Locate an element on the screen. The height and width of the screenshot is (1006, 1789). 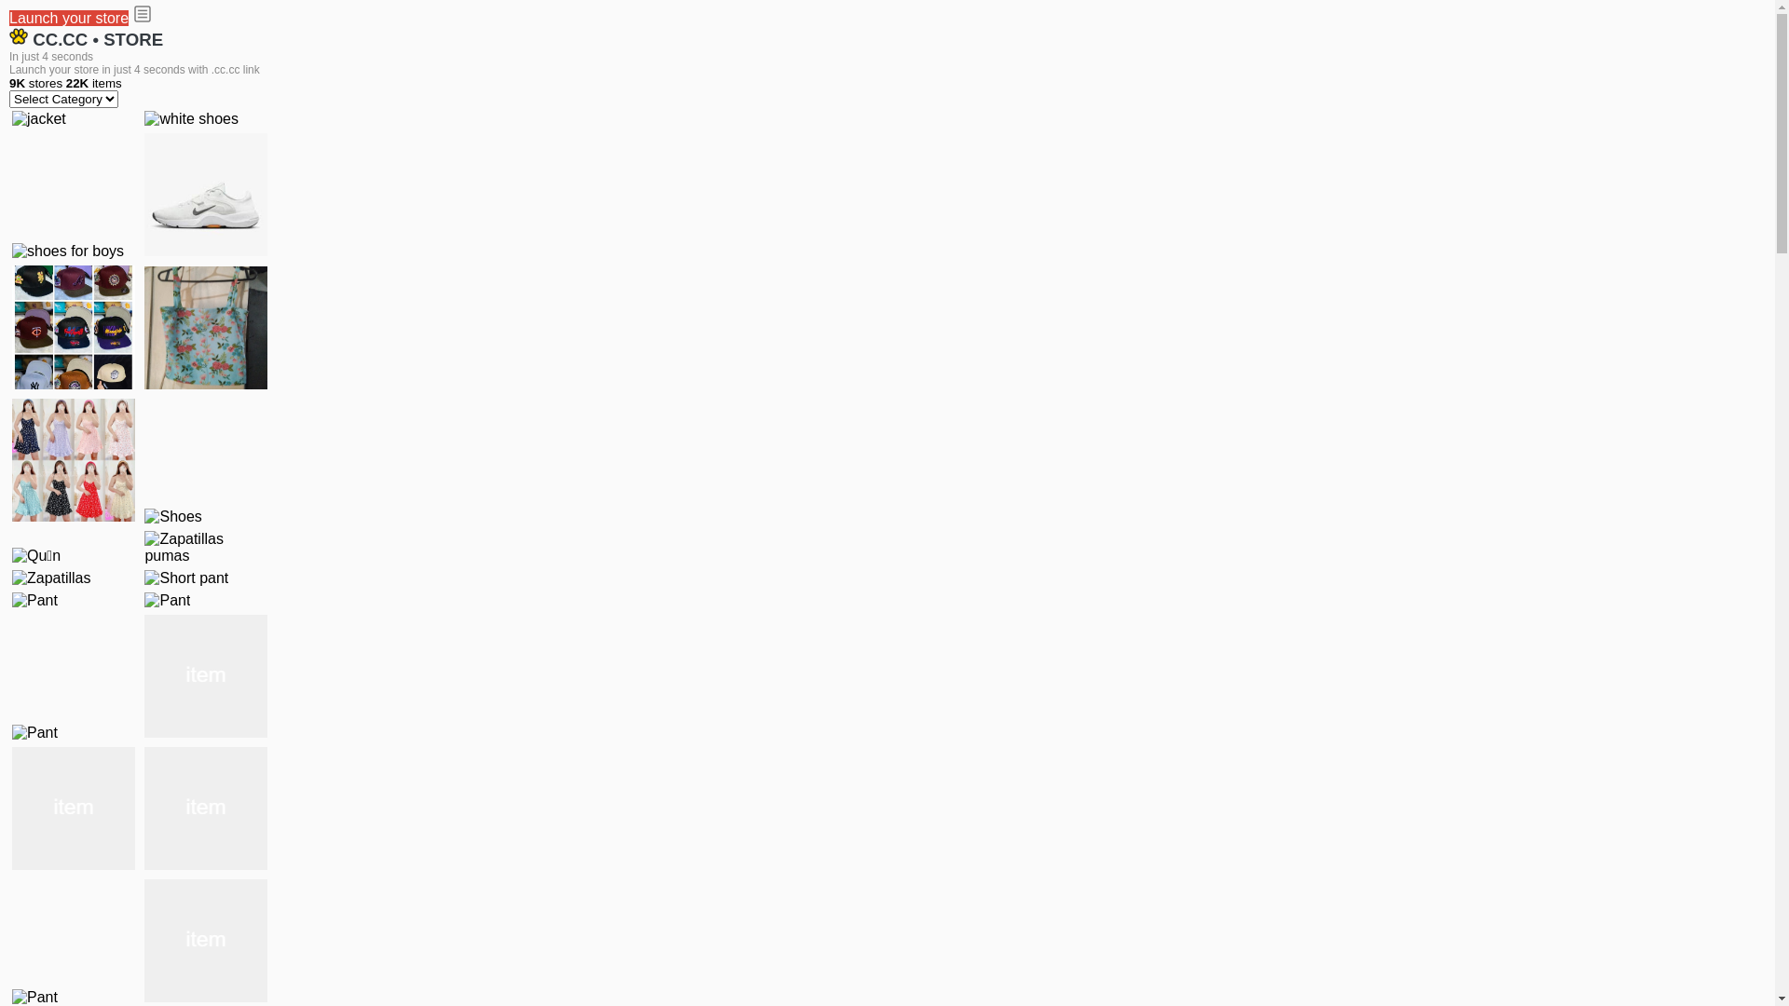
'Shoes' is located at coordinates (172, 517).